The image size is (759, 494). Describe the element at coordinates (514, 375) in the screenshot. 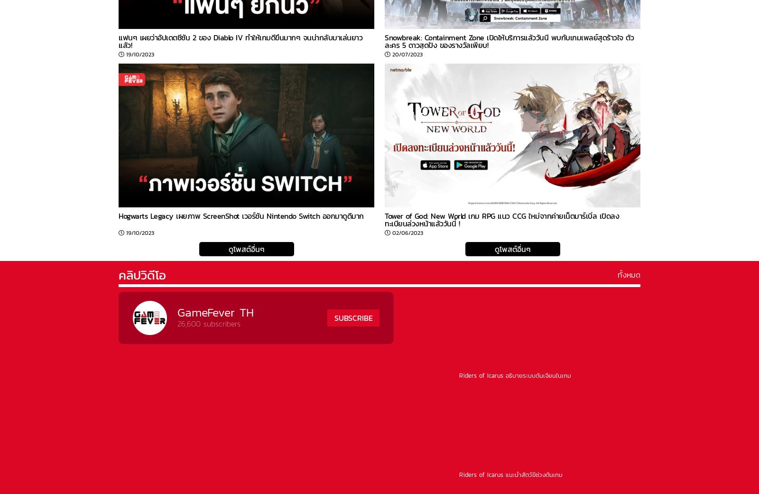

I see `'Riders of Icarus อธิบายระบบดันเจี้ยนในเกม'` at that location.